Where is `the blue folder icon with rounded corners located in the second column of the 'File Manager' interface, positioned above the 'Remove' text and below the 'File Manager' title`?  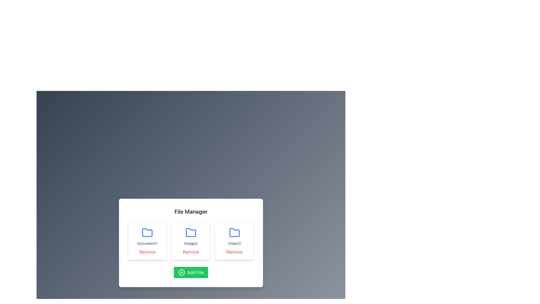 the blue folder icon with rounded corners located in the second column of the 'File Manager' interface, positioned above the 'Remove' text and below the 'File Manager' title is located at coordinates (191, 233).